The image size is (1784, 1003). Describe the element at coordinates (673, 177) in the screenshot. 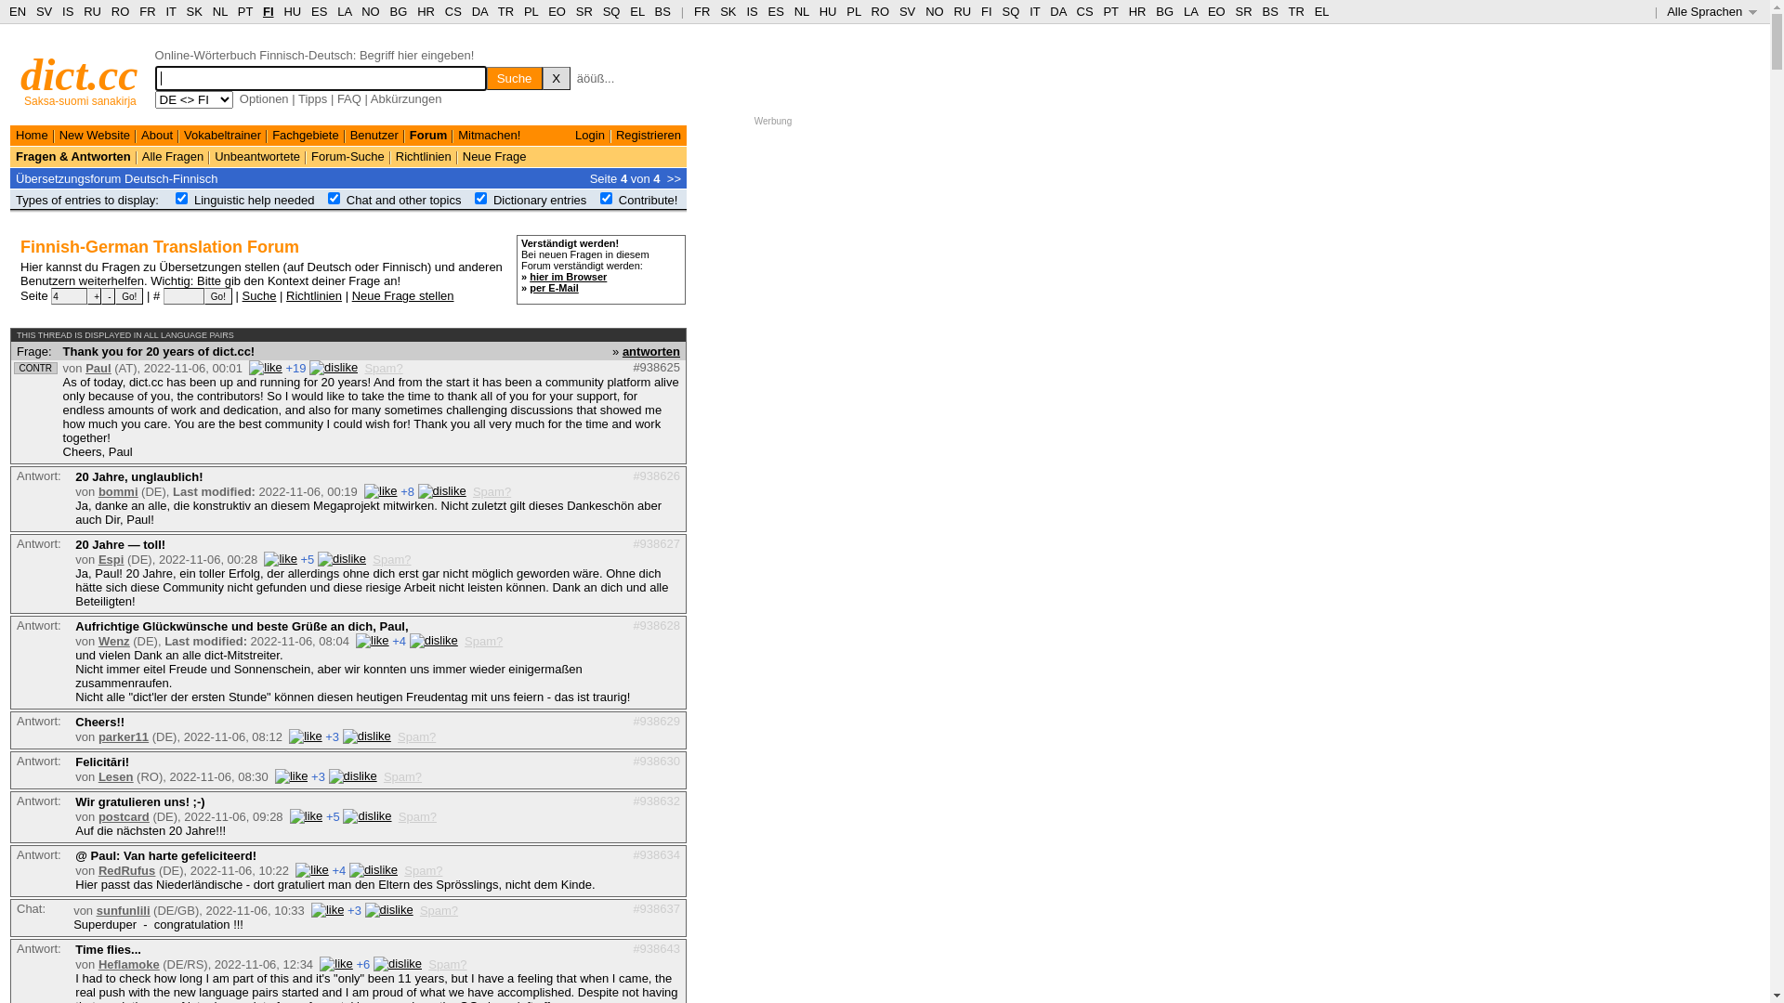

I see `'>>'` at that location.